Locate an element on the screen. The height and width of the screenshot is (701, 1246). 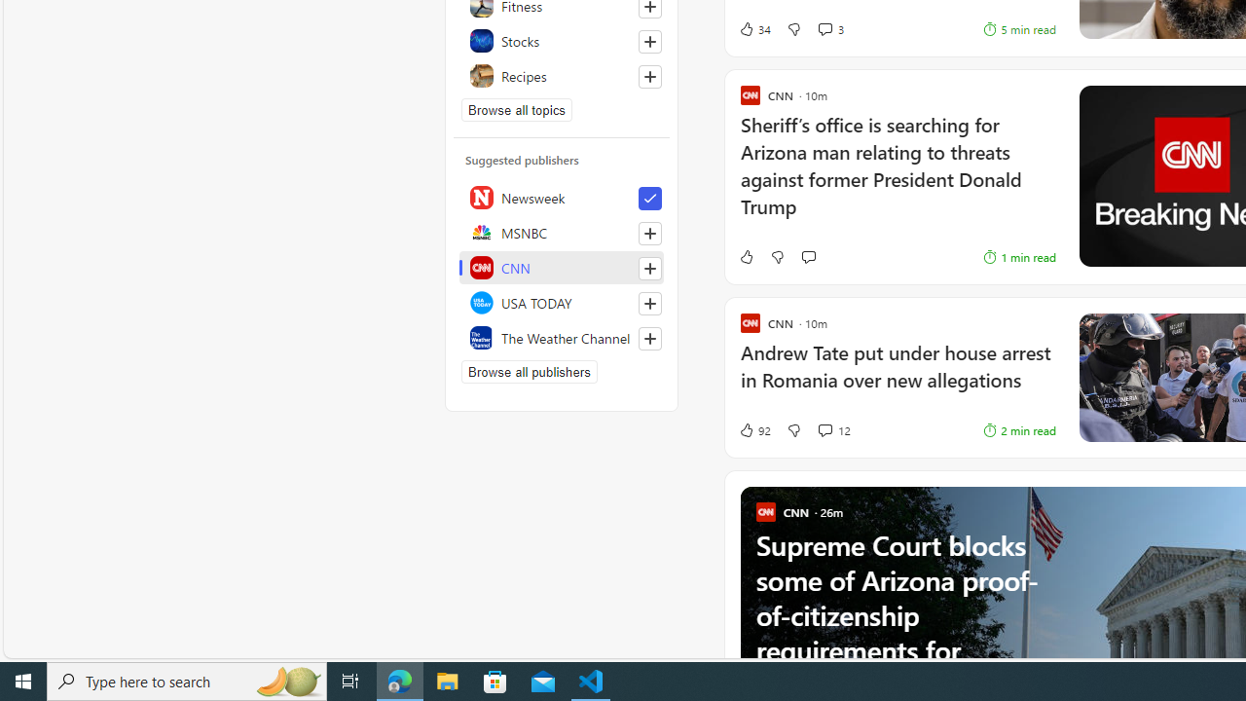
'USA TODAY' is located at coordinates (561, 303).